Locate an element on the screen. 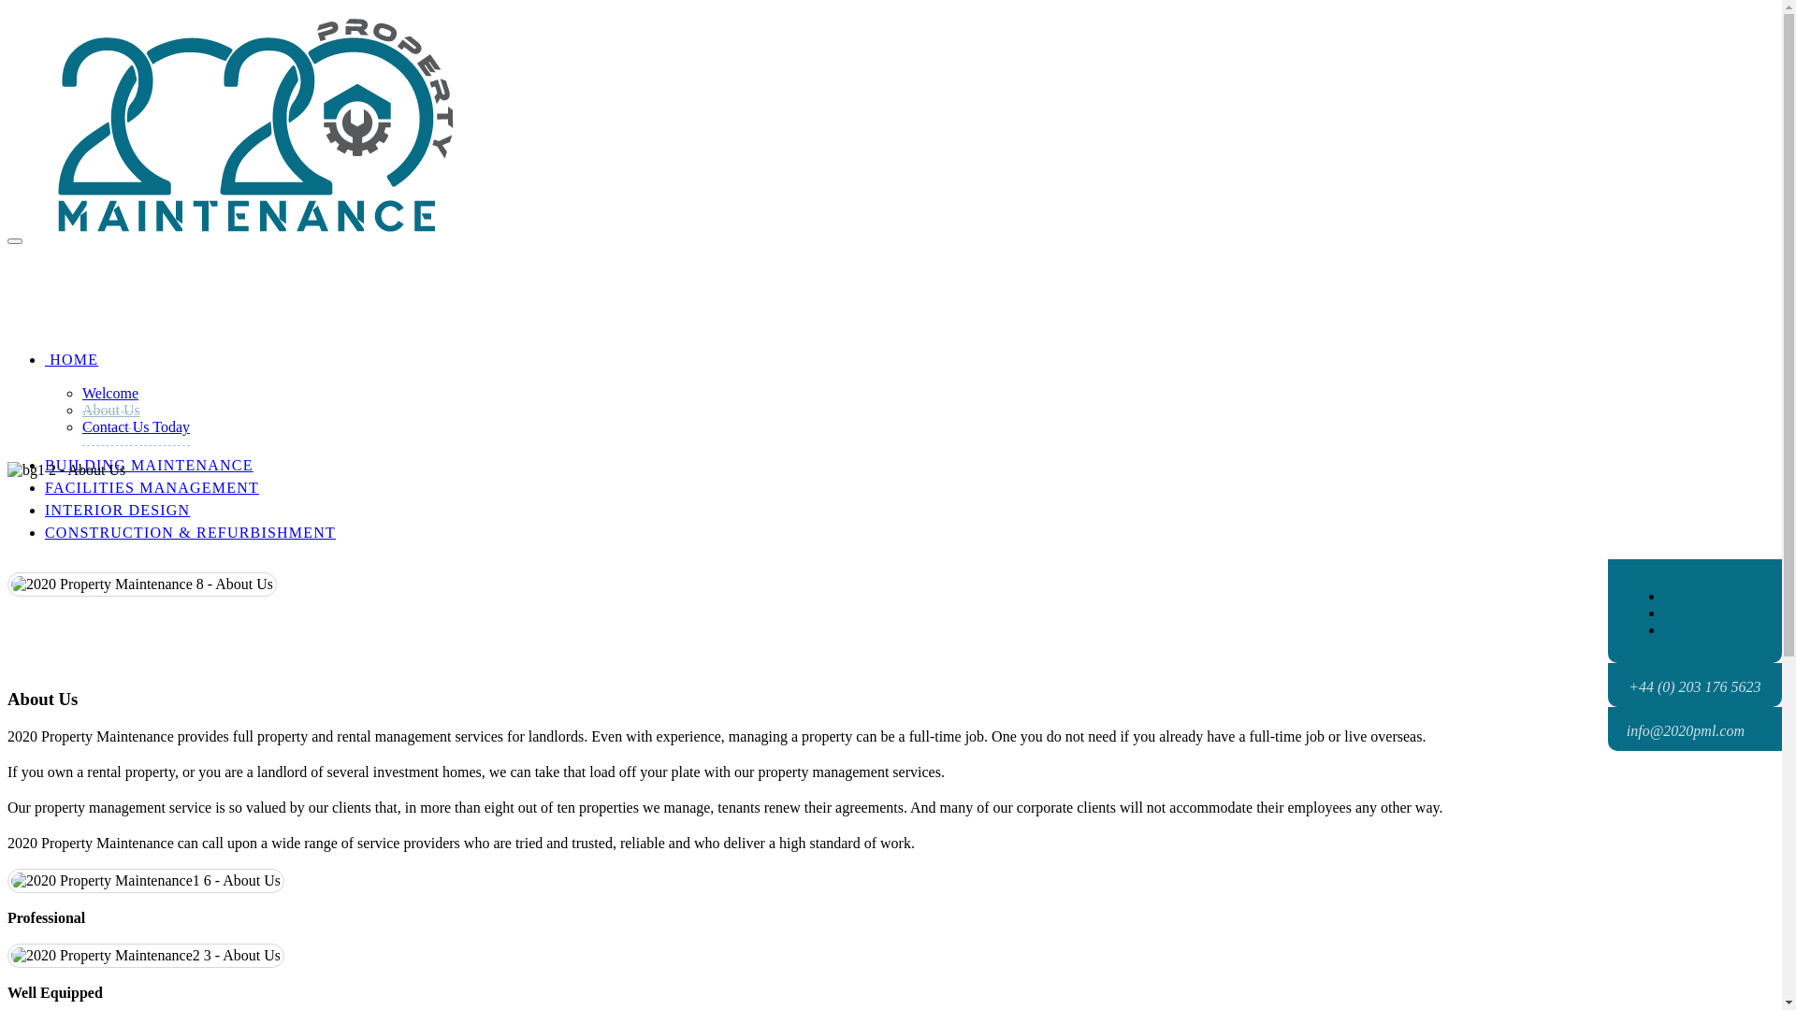 This screenshot has height=1010, width=1796. 'About Us' is located at coordinates (145, 956).